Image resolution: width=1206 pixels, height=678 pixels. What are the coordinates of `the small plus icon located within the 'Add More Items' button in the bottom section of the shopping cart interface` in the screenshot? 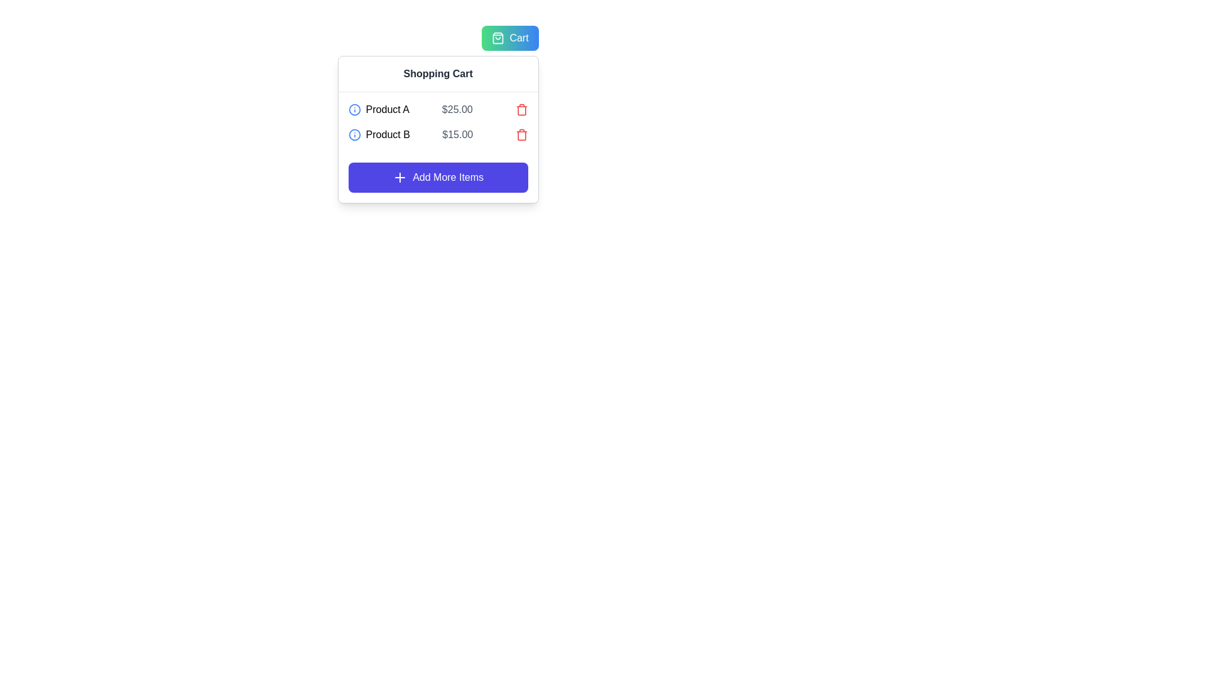 It's located at (399, 177).